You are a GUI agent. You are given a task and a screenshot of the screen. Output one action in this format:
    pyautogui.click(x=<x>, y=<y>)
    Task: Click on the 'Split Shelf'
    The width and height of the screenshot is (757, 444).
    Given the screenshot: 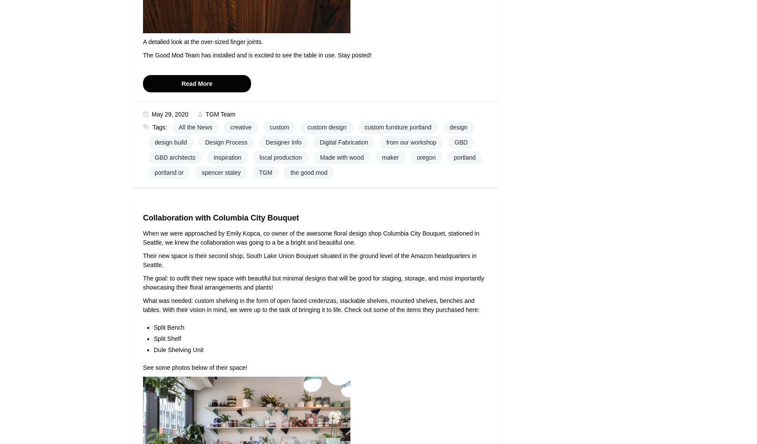 What is the action you would take?
    pyautogui.click(x=167, y=339)
    